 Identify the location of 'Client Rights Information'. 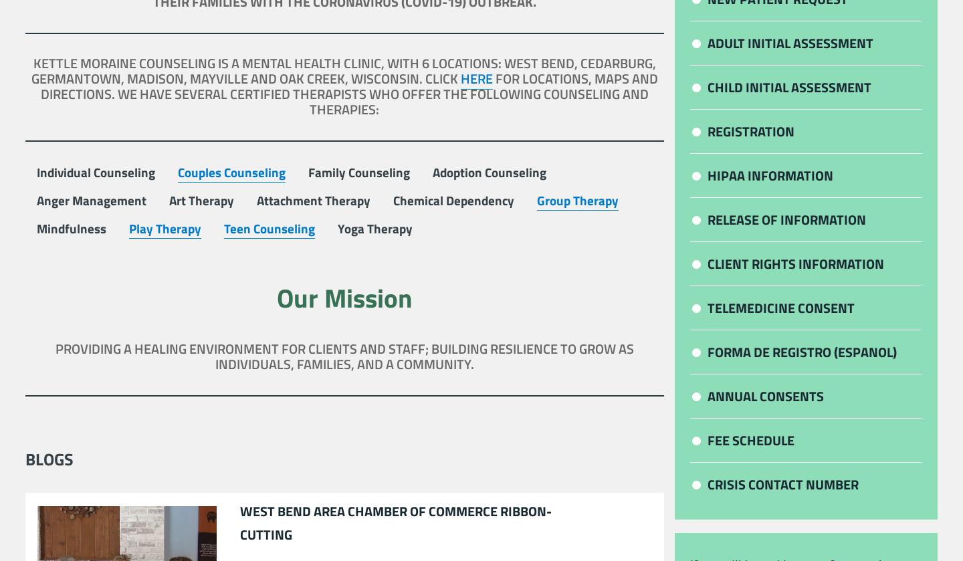
(796, 263).